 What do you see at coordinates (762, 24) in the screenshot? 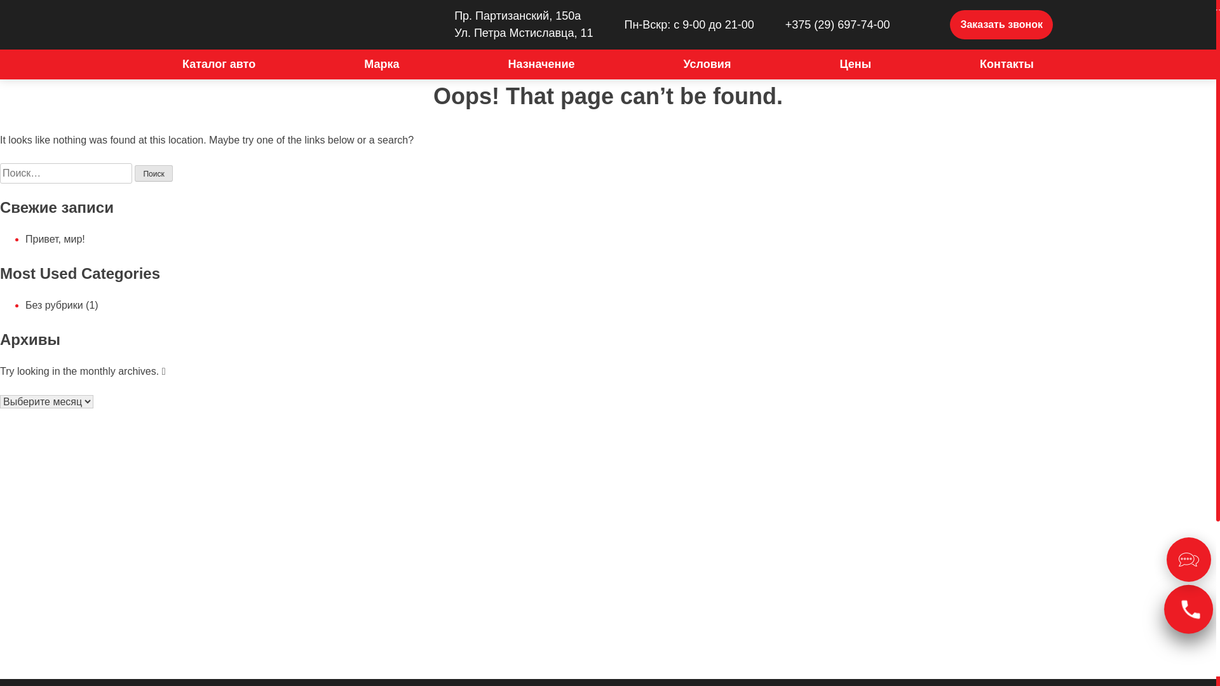
I see `'+375 (29) 697-74-00'` at bounding box center [762, 24].